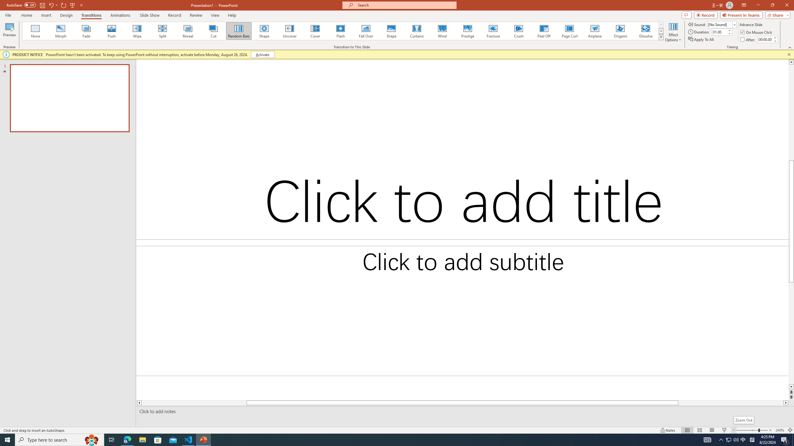 The height and width of the screenshot is (446, 794). I want to click on 'On Mouse Click', so click(756, 32).